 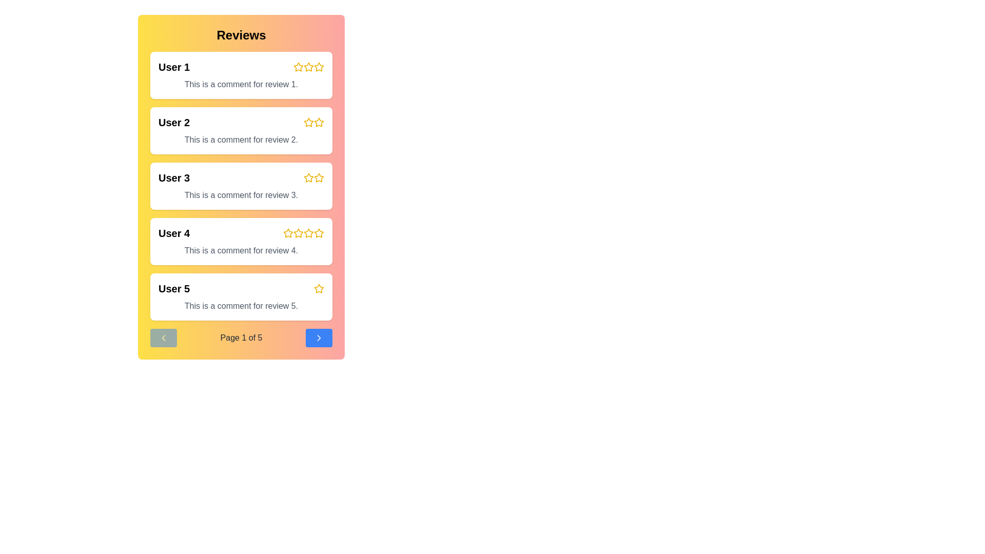 What do you see at coordinates (298, 233) in the screenshot?
I see `the third yellow star icon in the rating row for 'User 4' to rate it` at bounding box center [298, 233].